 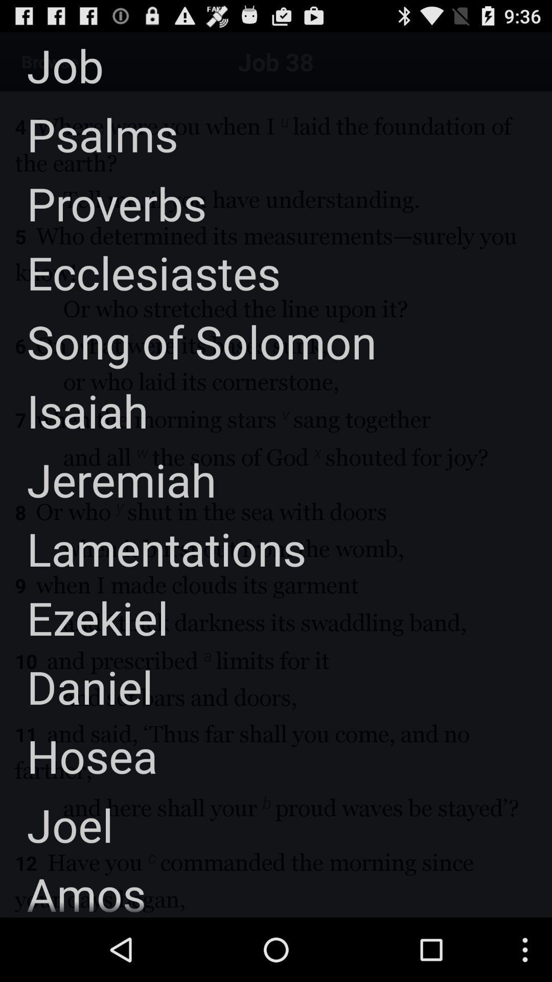 I want to click on the isaiah icon, so click(x=74, y=410).